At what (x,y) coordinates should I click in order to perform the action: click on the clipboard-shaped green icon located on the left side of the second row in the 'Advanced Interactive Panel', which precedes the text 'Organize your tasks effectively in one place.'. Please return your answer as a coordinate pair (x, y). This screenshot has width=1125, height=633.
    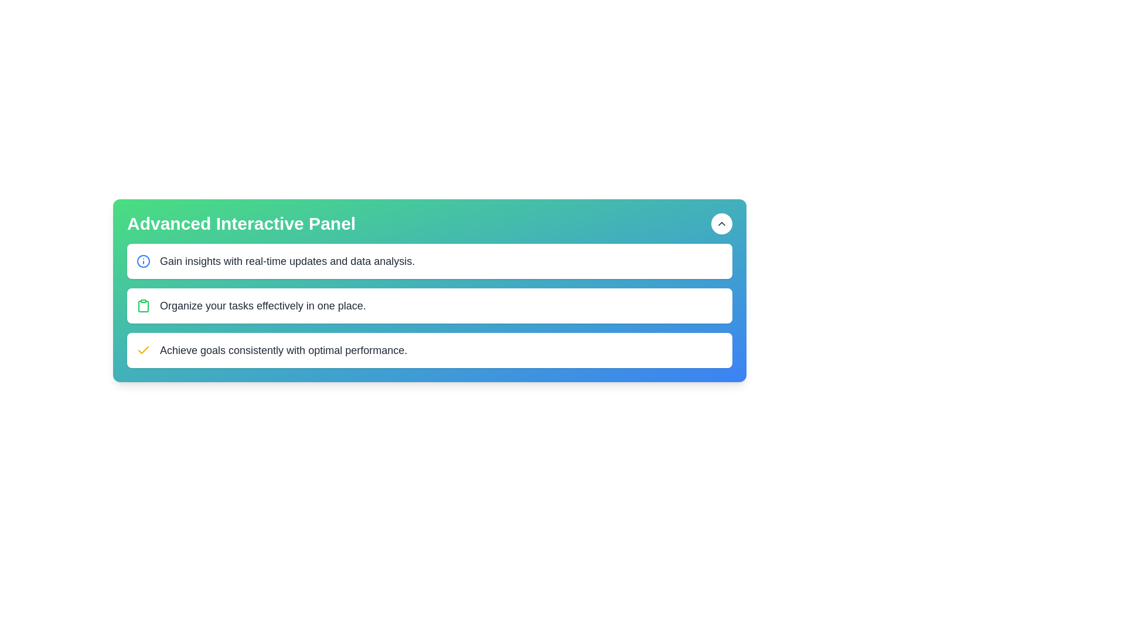
    Looking at the image, I should click on (142, 305).